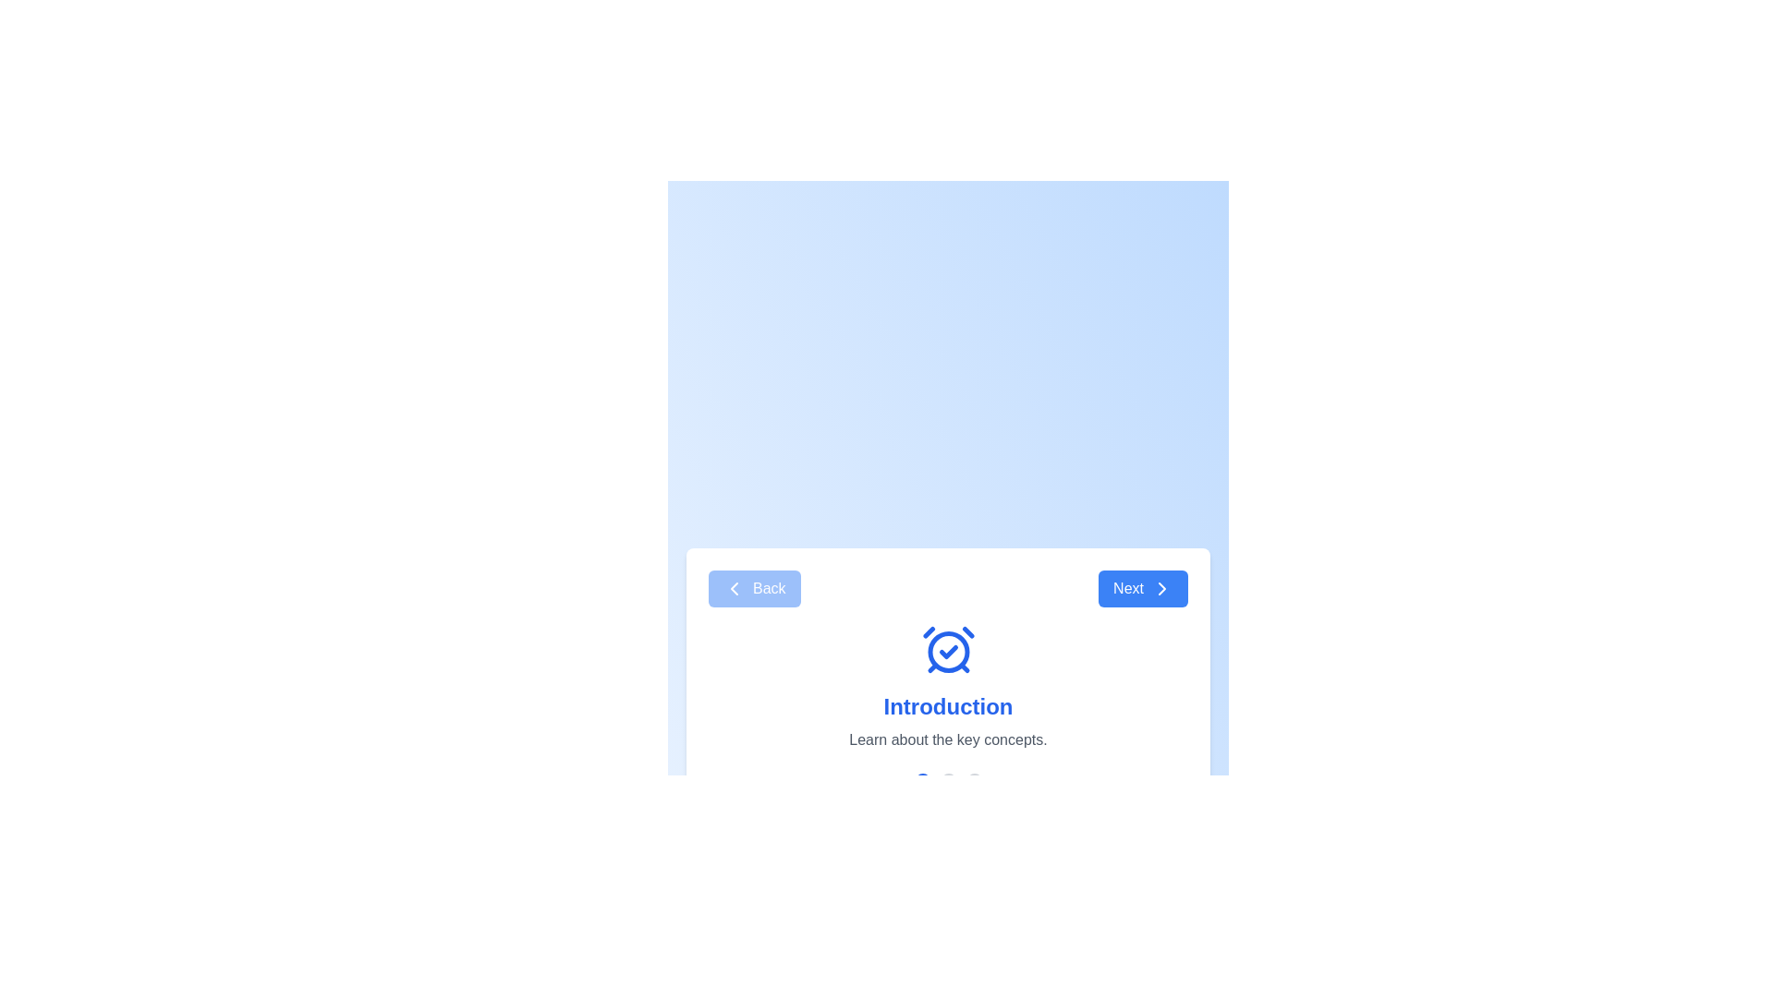  Describe the element at coordinates (948, 780) in the screenshot. I see `the step indicator for step 2` at that location.